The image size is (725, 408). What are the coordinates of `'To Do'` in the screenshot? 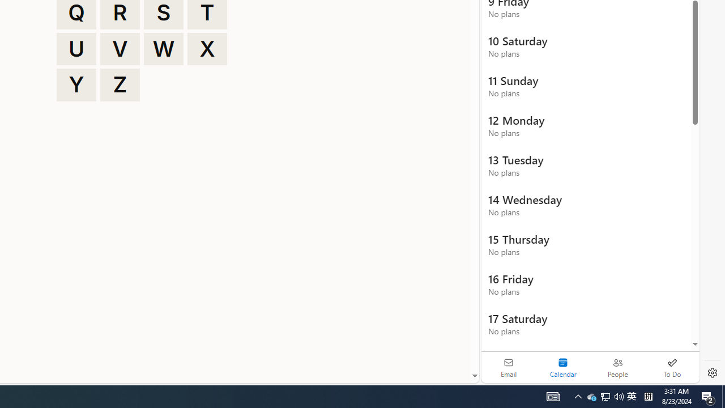 It's located at (672, 367).